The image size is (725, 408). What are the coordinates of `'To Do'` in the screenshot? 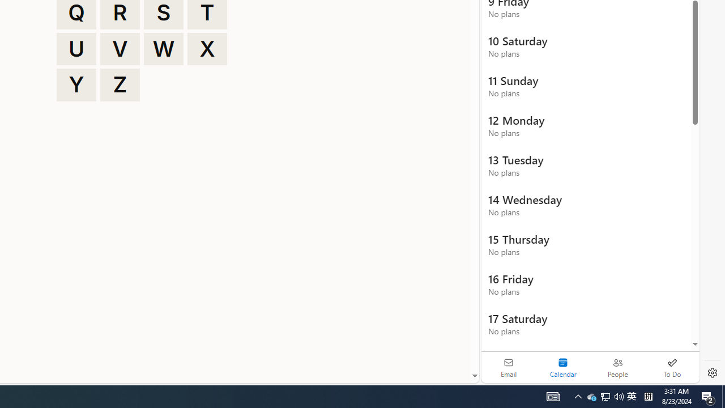 It's located at (672, 367).